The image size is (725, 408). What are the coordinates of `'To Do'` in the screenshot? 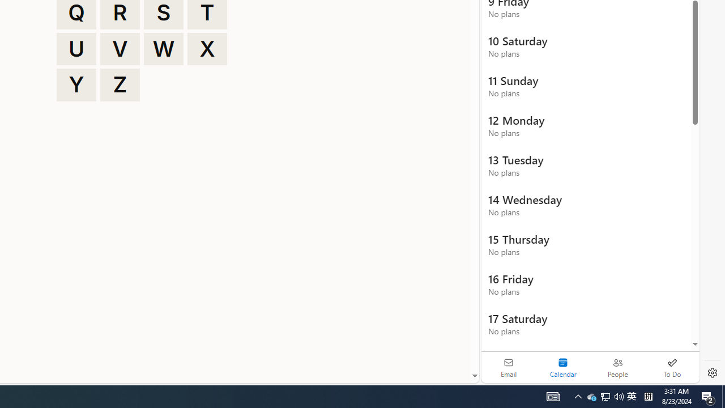 It's located at (672, 367).